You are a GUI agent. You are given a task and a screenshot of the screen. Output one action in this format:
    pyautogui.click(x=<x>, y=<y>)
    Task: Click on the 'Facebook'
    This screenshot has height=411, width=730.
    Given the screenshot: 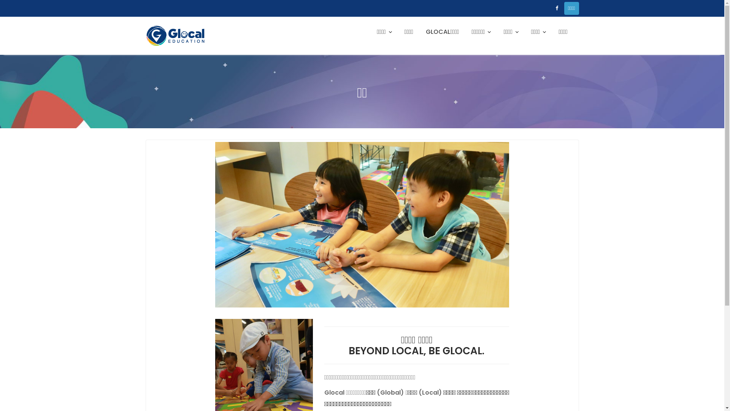 What is the action you would take?
    pyautogui.click(x=557, y=8)
    